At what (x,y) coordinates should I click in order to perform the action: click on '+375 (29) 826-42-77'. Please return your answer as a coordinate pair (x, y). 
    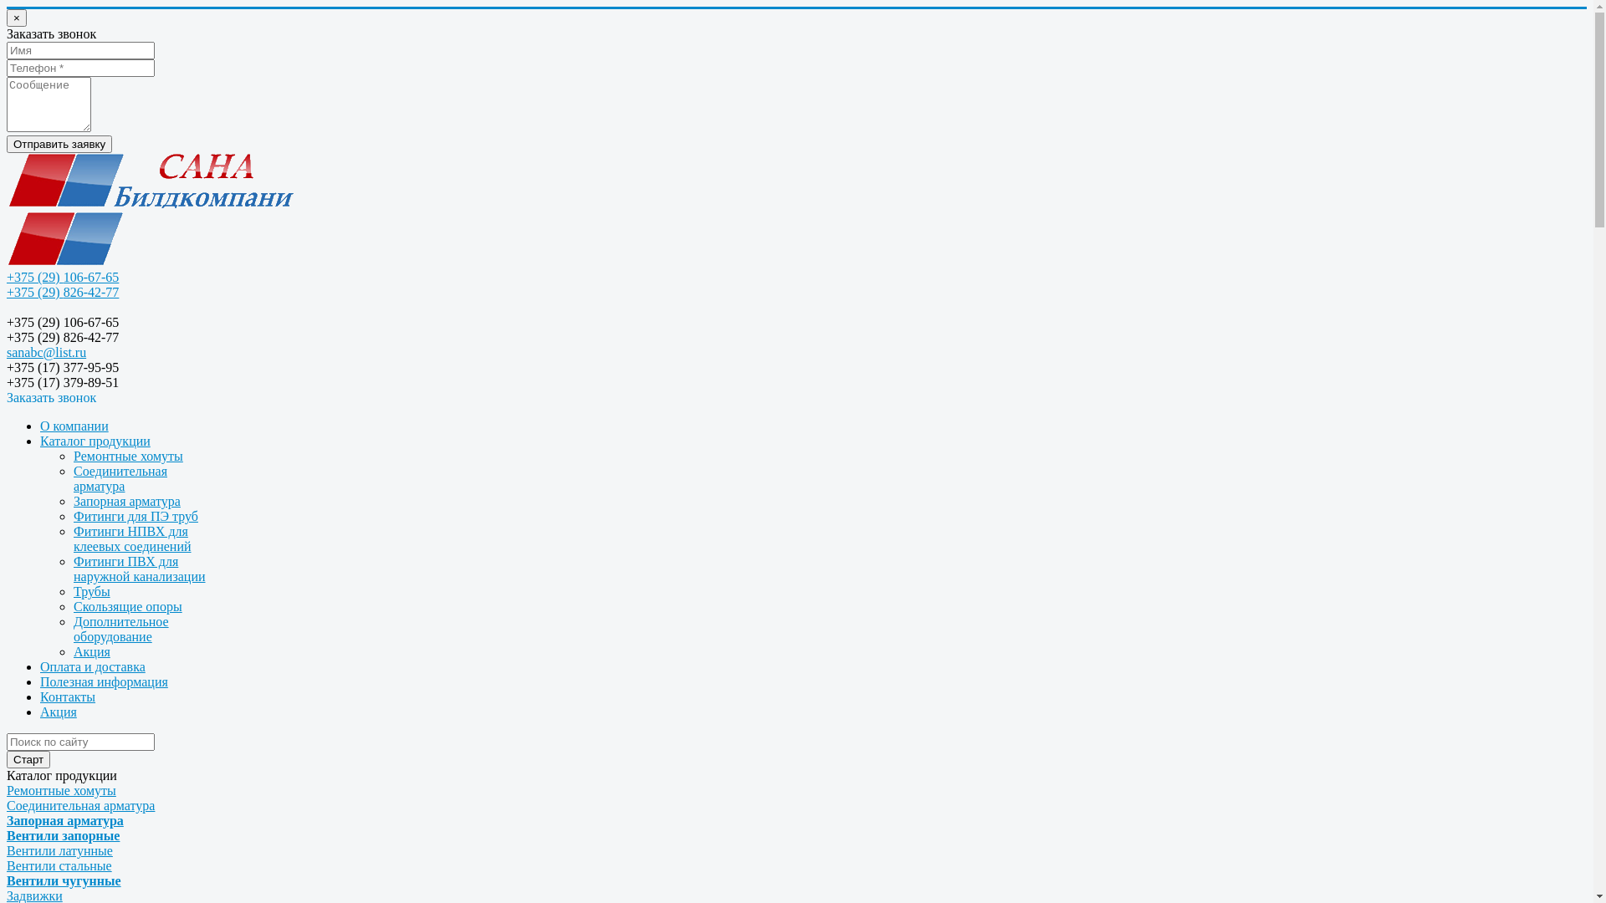
    Looking at the image, I should click on (63, 291).